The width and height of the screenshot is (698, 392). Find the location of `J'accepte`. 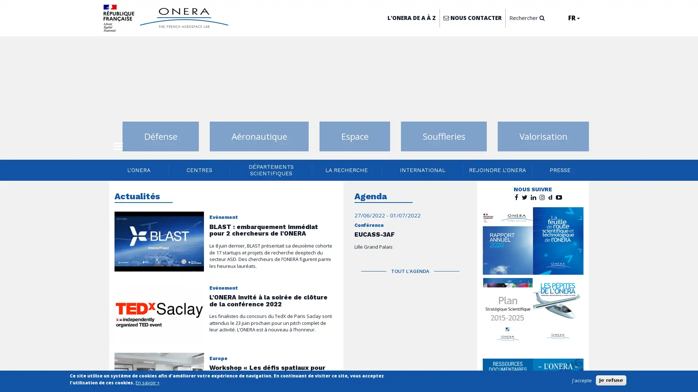

J'accepte is located at coordinates (582, 380).